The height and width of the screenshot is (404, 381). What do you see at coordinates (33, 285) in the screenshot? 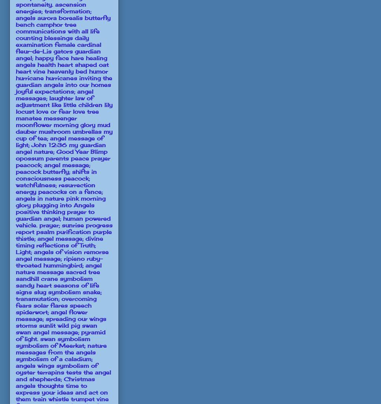
I see `'sandy heart'` at bounding box center [33, 285].